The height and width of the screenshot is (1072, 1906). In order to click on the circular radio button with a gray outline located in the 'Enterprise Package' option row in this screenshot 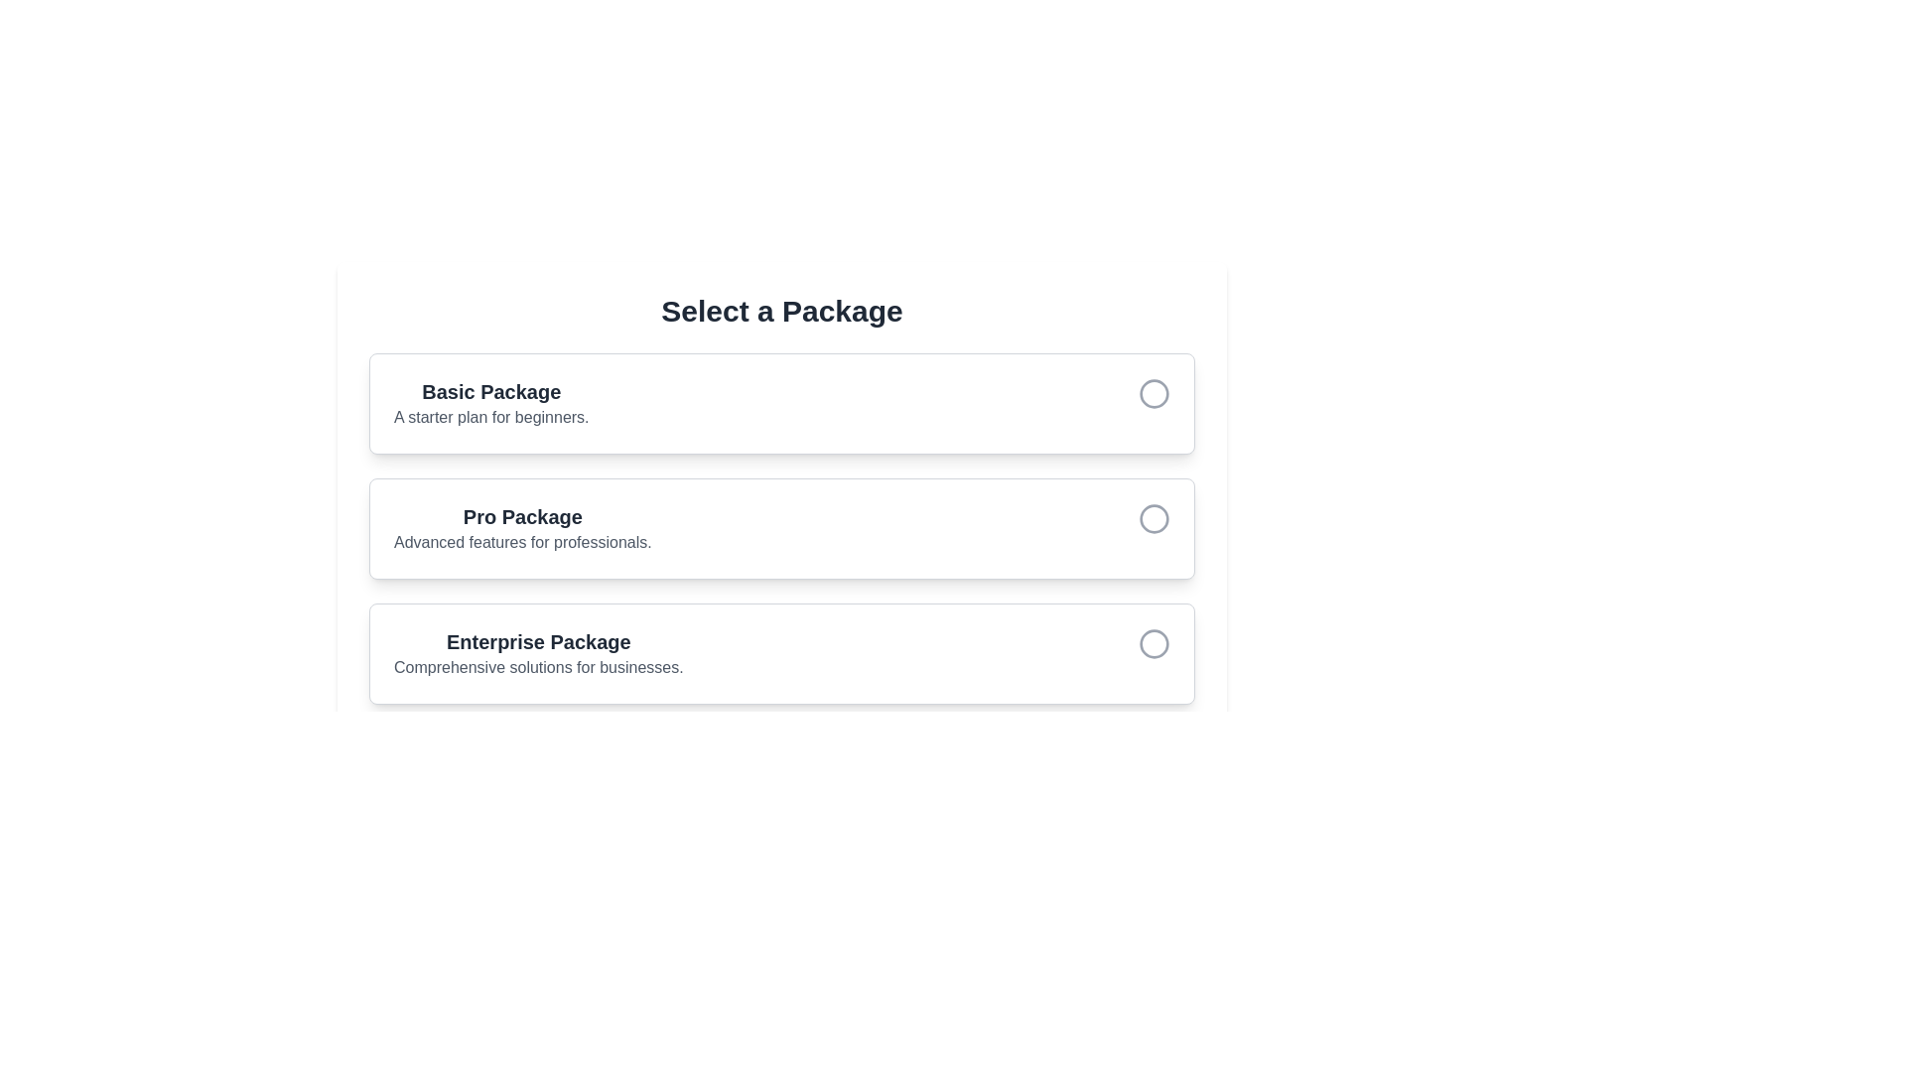, I will do `click(1154, 643)`.